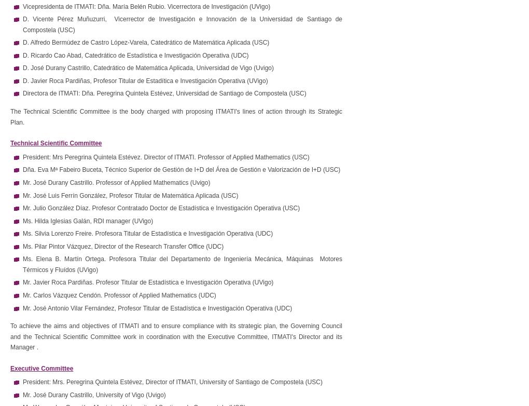 This screenshot has width=529, height=406. What do you see at coordinates (116, 181) in the screenshot?
I see `'Mr. José Durany Castrillo. Professor of Applied Mathematics (Uvigo)'` at bounding box center [116, 181].